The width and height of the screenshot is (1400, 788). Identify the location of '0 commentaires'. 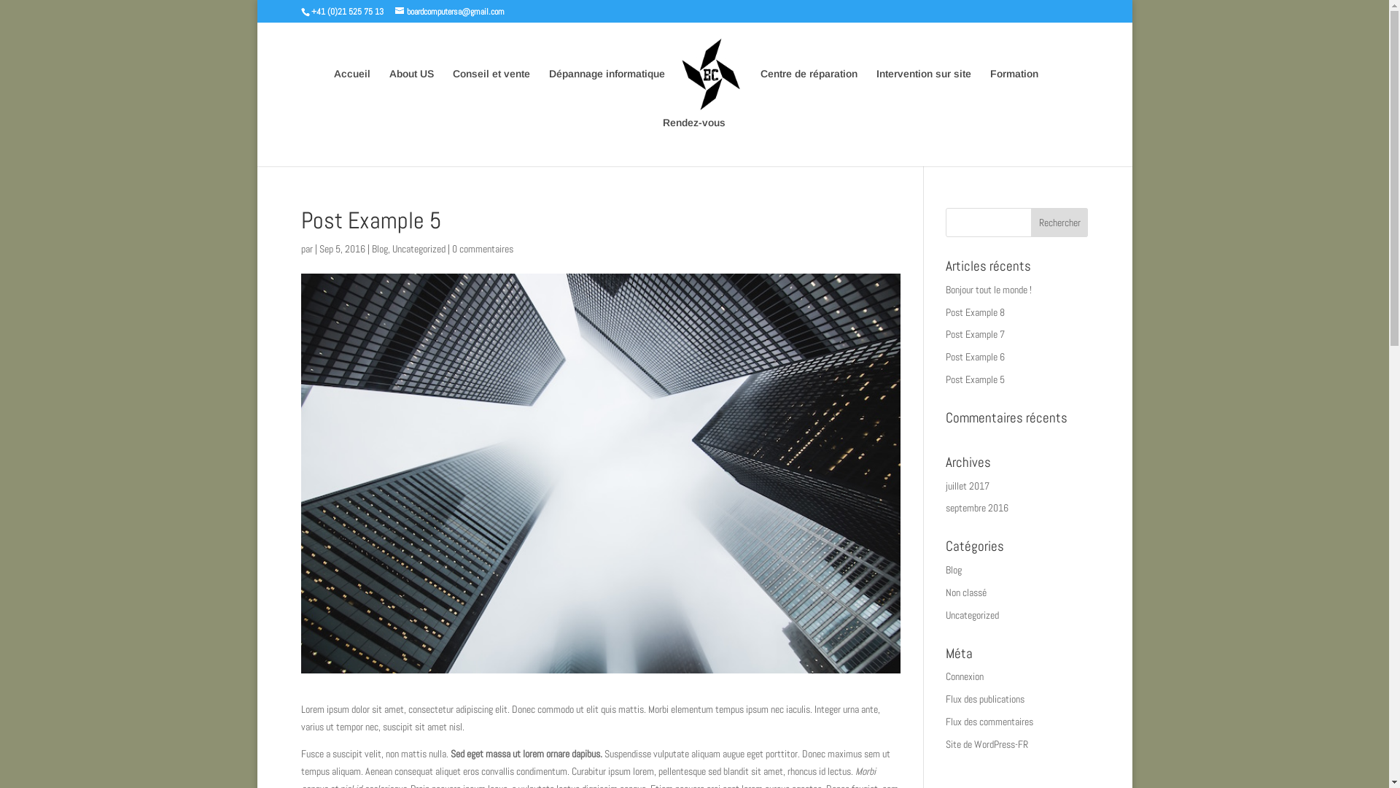
(483, 247).